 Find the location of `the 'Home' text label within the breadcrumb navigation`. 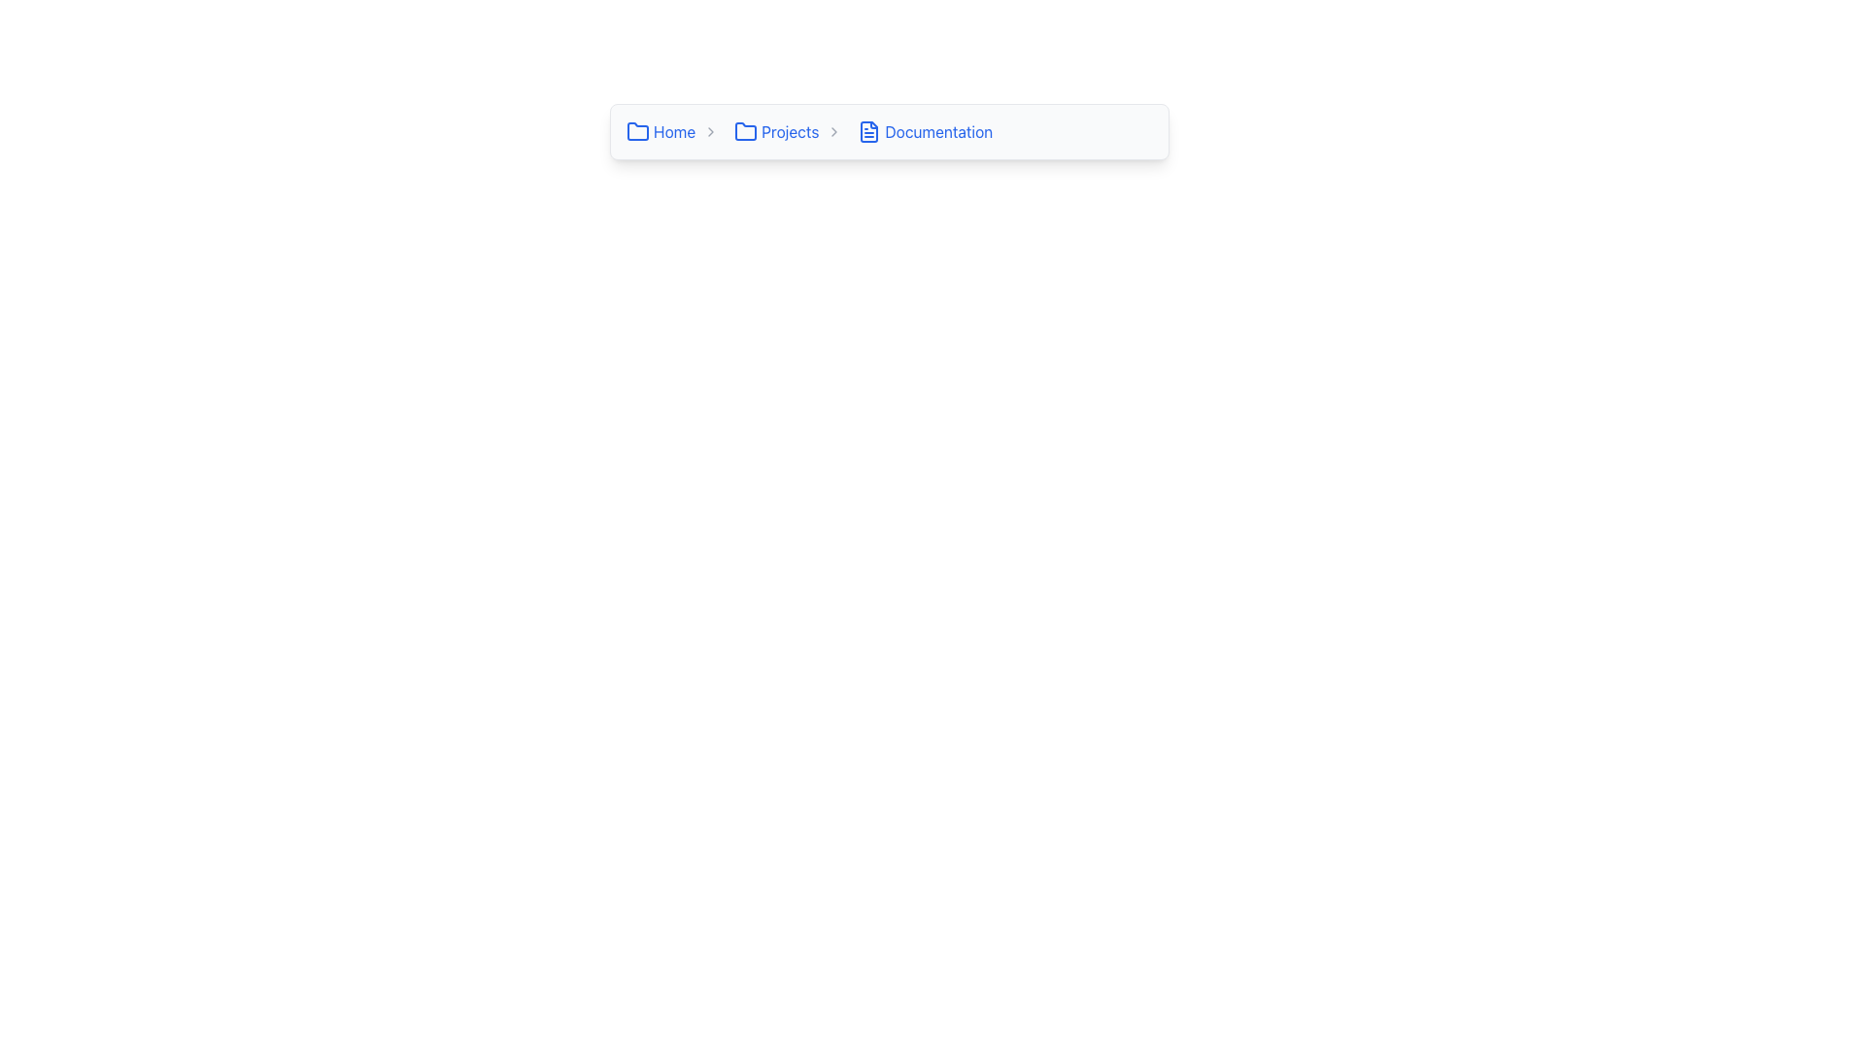

the 'Home' text label within the breadcrumb navigation is located at coordinates (674, 131).